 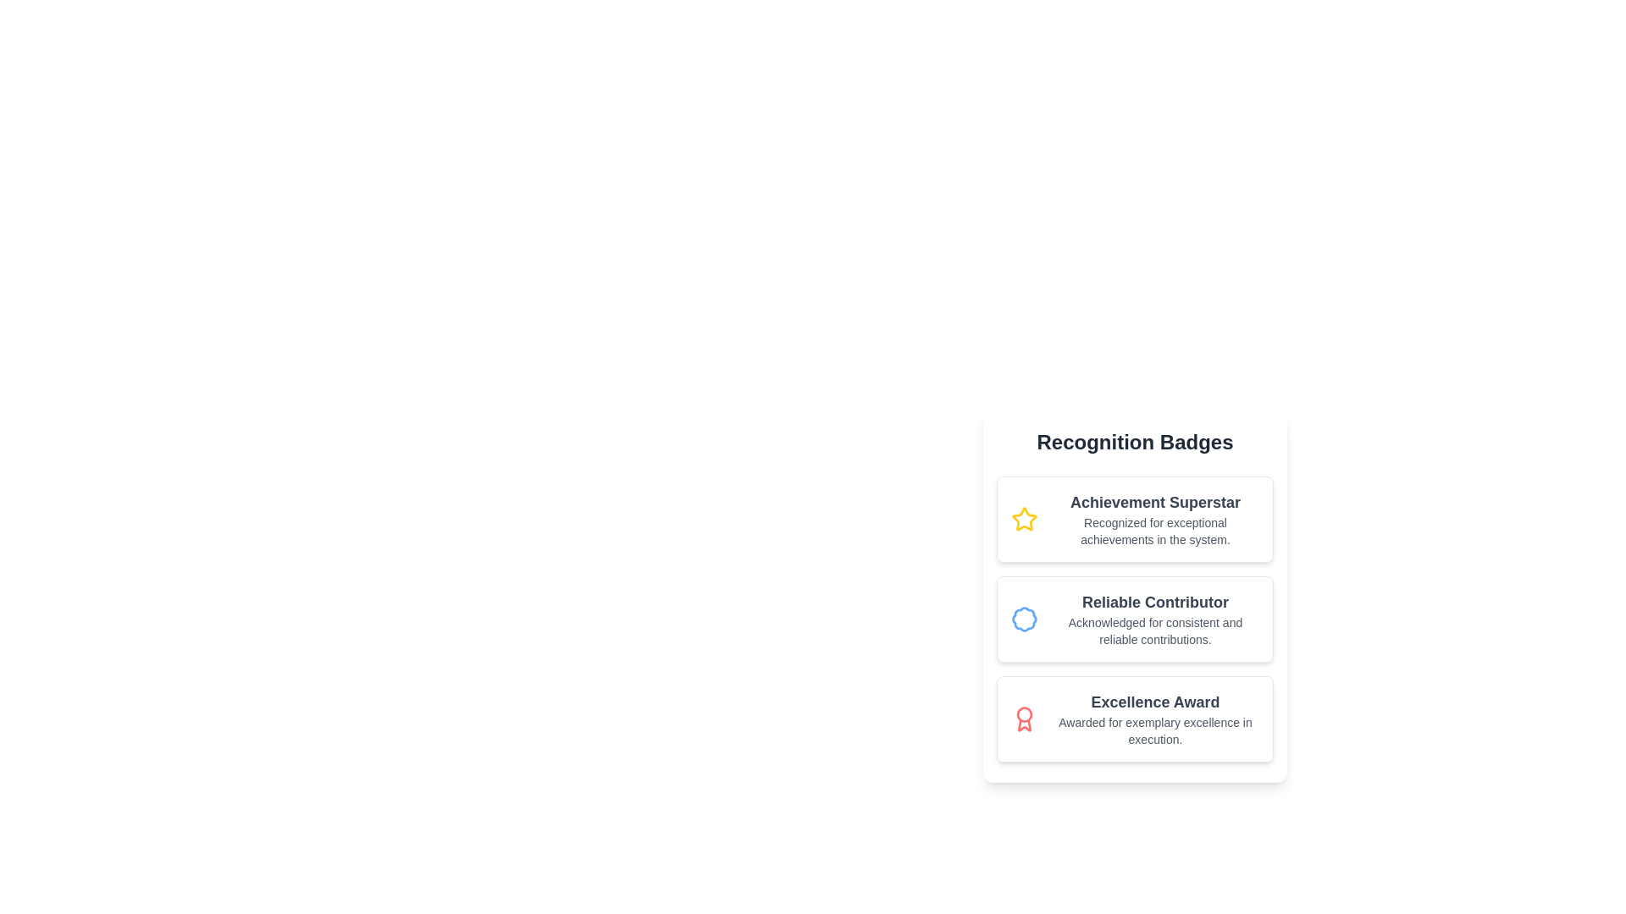 I want to click on the text label that serves as the title for the second badge card in the 'Recognition Badges' list, which describes the badge type, so click(x=1154, y=602).